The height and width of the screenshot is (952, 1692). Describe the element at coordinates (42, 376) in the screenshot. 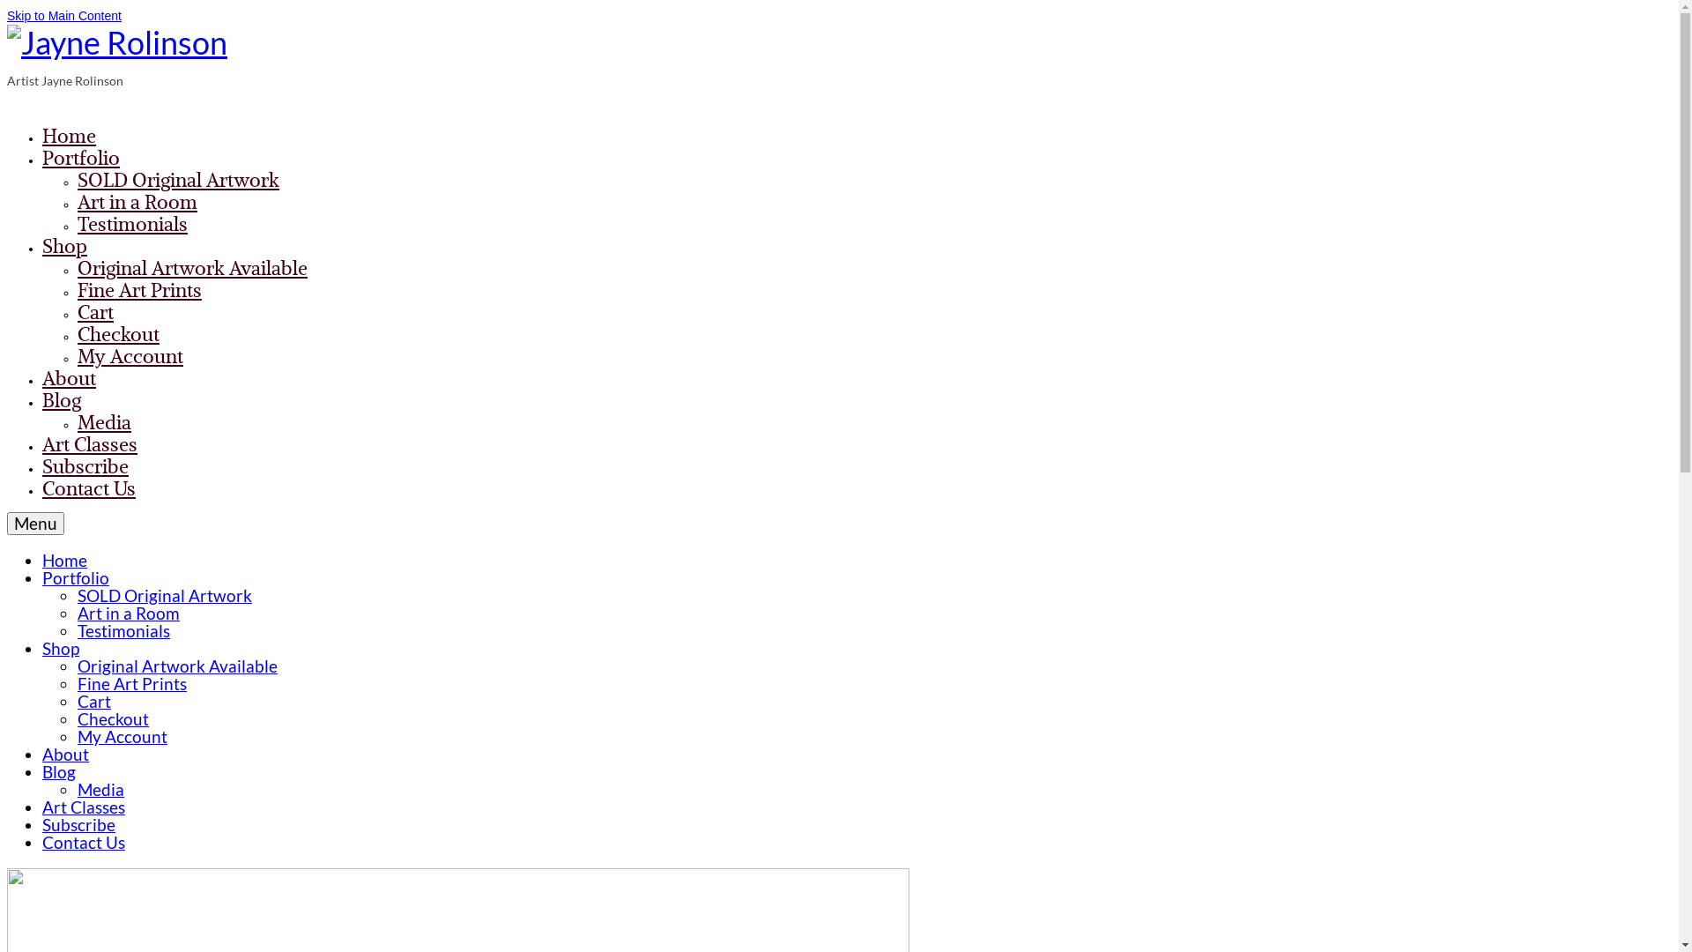

I see `'About'` at that location.